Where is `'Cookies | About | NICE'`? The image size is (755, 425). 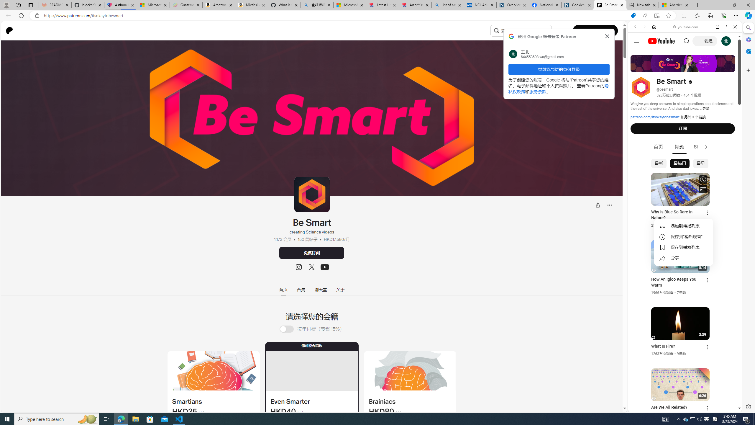
'Cookies | About | NICE' is located at coordinates (577, 5).